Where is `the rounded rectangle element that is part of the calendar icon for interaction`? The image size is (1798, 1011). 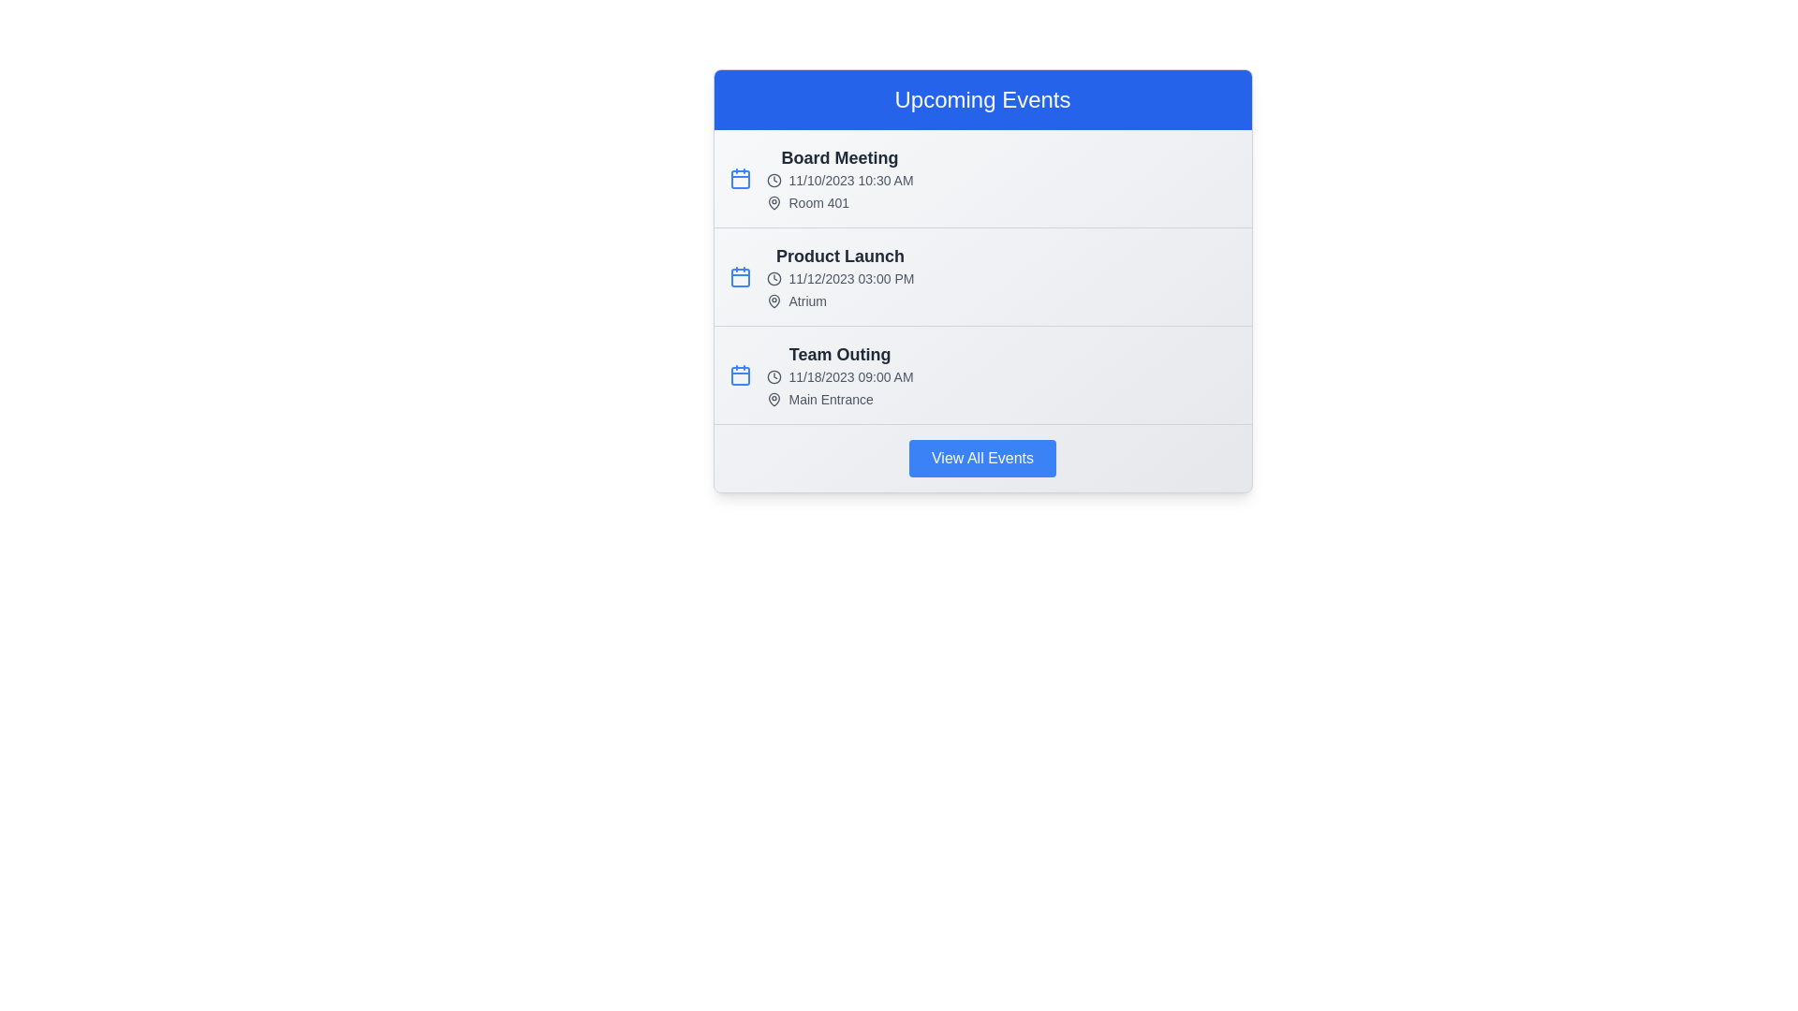 the rounded rectangle element that is part of the calendar icon for interaction is located at coordinates (739, 375).